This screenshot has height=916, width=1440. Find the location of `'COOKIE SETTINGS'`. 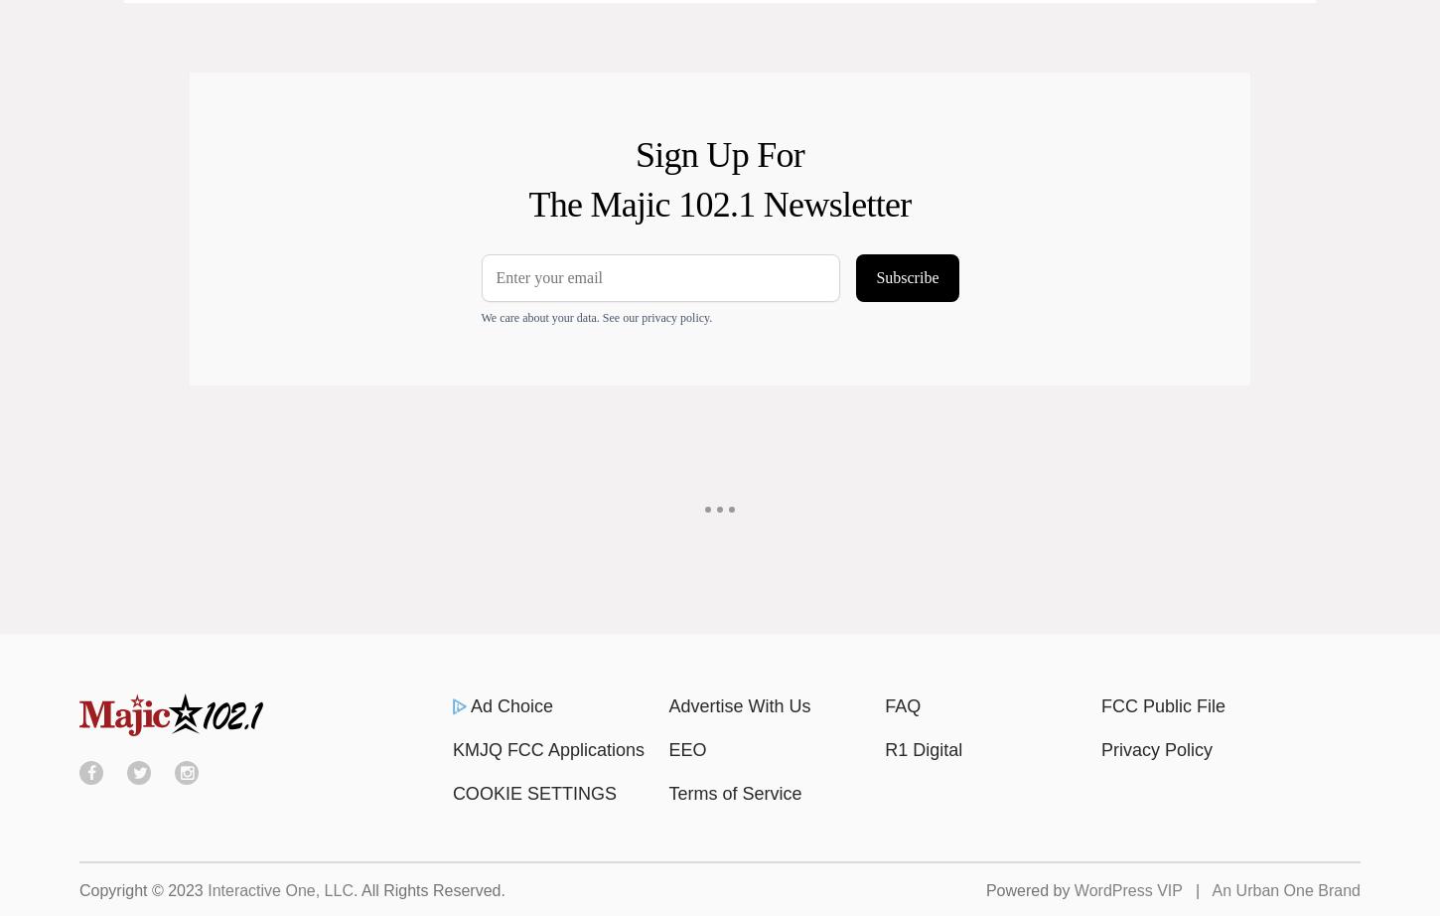

'COOKIE SETTINGS' is located at coordinates (533, 791).